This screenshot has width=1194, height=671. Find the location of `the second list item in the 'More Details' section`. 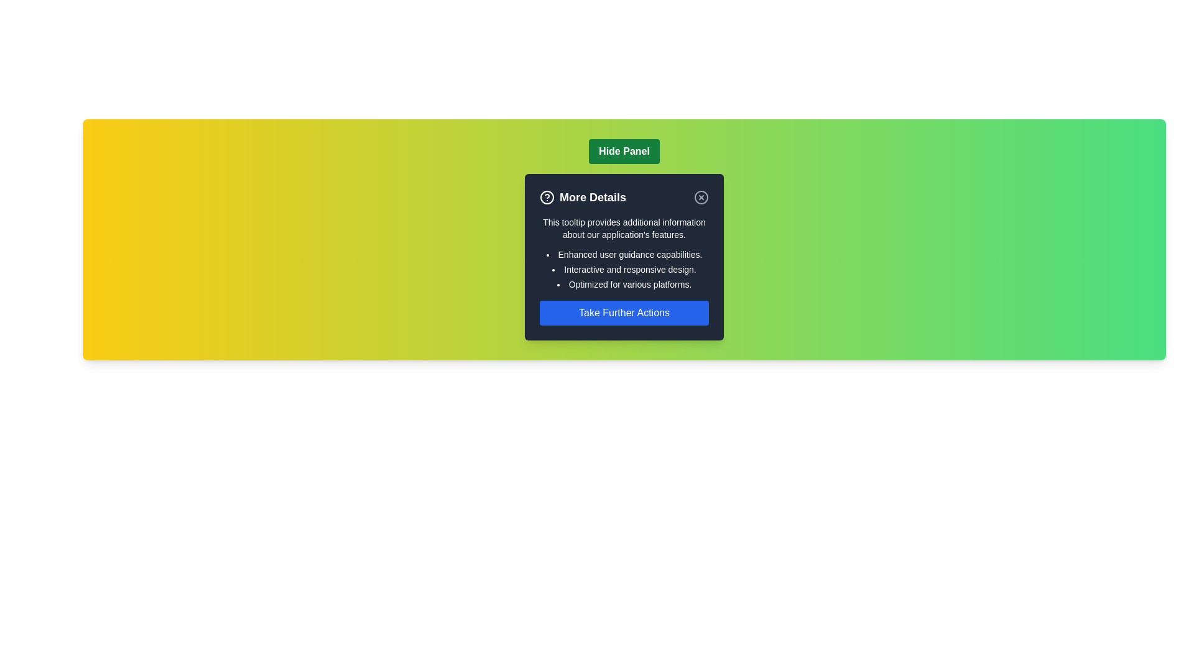

the second list item in the 'More Details' section is located at coordinates (624, 269).